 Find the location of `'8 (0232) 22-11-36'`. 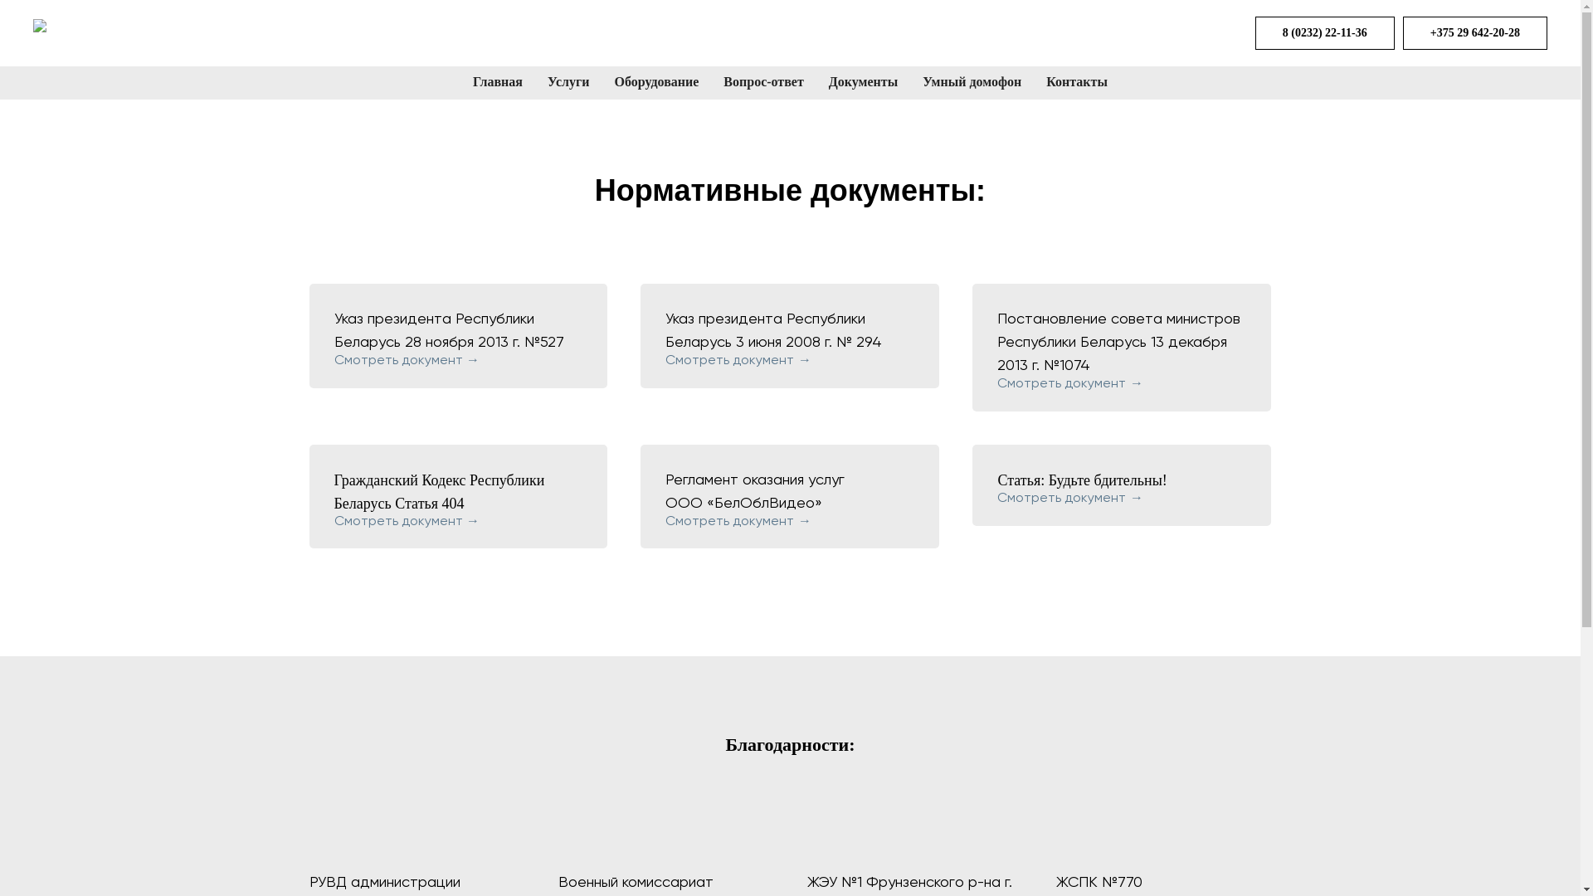

'8 (0232) 22-11-36' is located at coordinates (1254, 32).